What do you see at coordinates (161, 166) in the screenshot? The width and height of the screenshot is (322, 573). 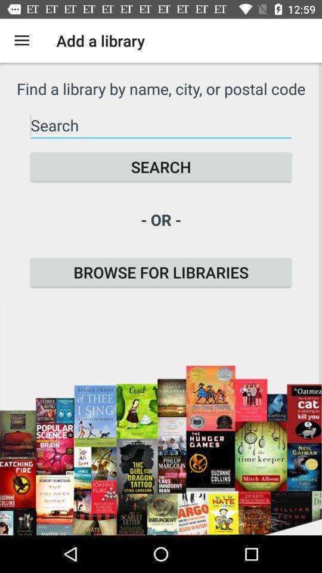 I see `the search` at bounding box center [161, 166].